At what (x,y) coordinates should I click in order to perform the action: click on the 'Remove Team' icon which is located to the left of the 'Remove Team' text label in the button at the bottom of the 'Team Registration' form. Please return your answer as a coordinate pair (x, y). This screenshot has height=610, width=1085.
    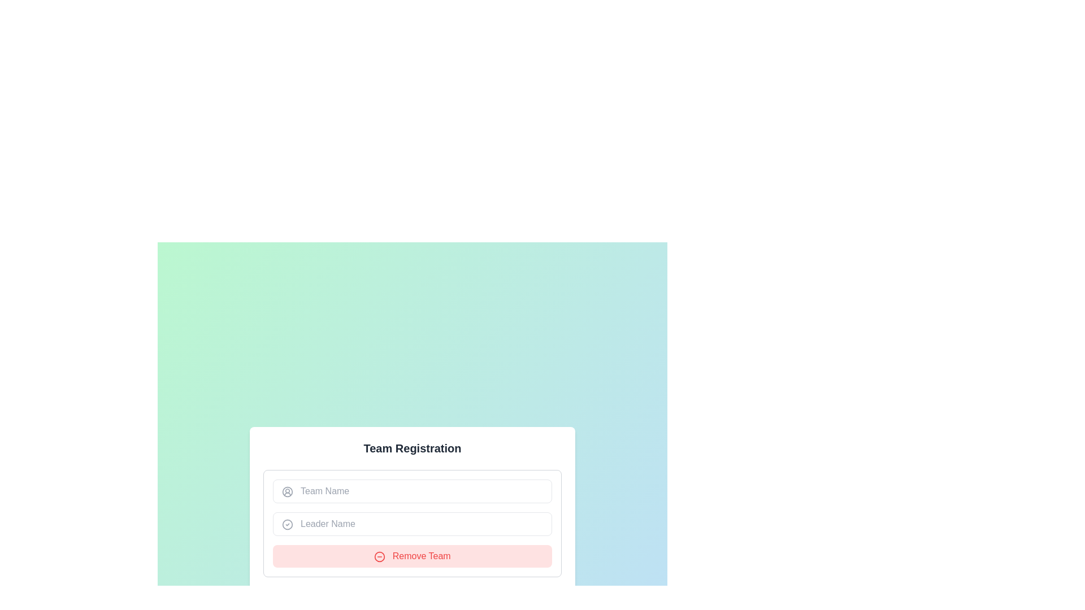
    Looking at the image, I should click on (380, 556).